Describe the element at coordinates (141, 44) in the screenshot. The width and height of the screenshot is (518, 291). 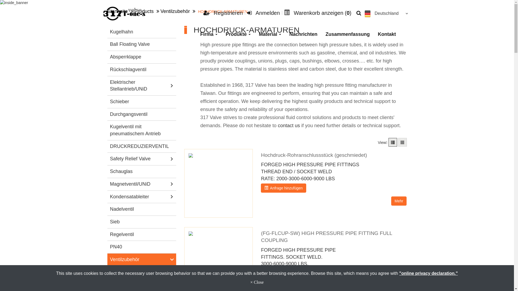
I see `'Ball Floating Valve'` at that location.